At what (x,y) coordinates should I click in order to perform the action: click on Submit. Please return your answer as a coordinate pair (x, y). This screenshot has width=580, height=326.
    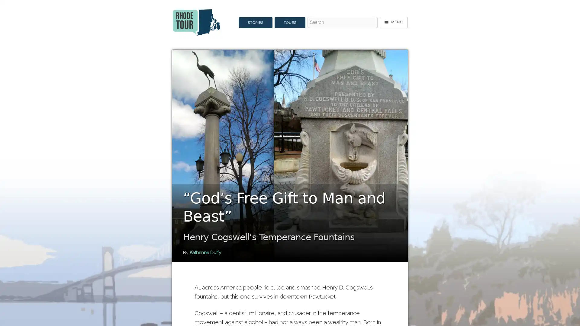
    Looking at the image, I should click on (316, 34).